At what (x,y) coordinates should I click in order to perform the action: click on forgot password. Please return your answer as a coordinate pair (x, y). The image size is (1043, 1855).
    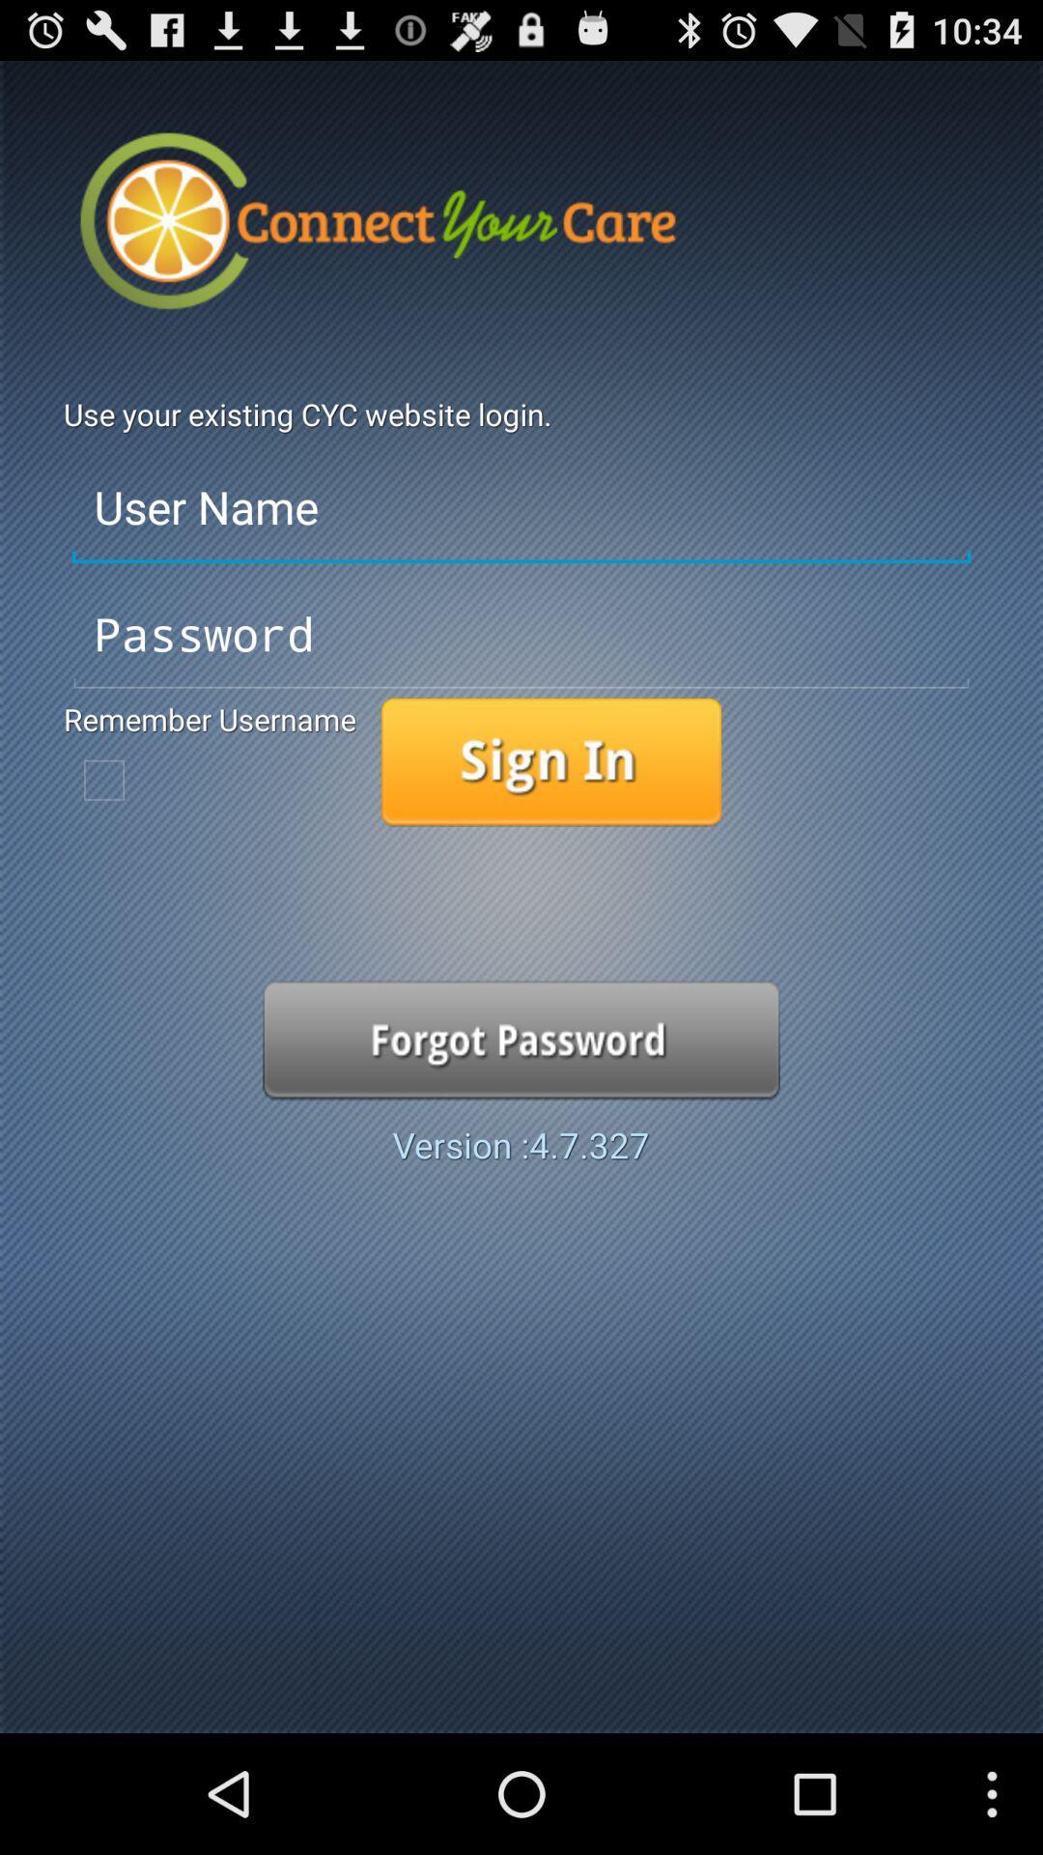
    Looking at the image, I should click on (521, 1039).